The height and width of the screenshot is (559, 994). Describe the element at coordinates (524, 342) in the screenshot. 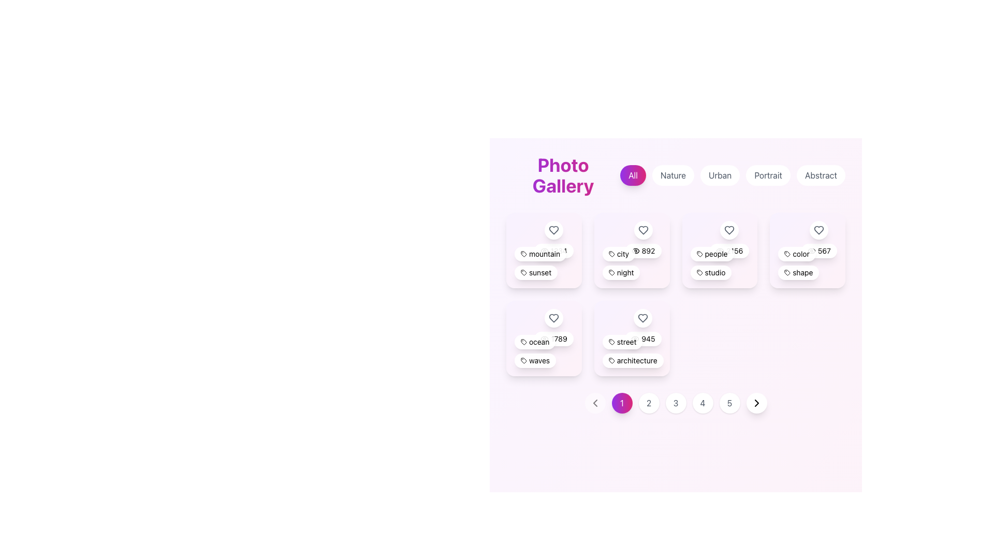

I see `the tag icon representing 'ocean', located in the second row, first column of the grid of selectable cards` at that location.